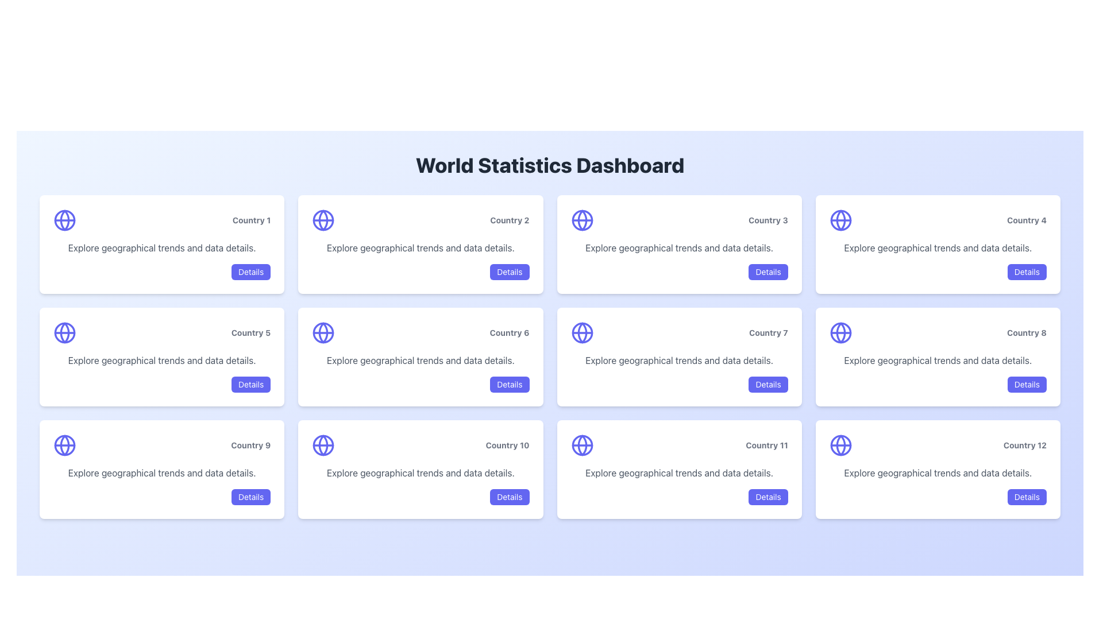  Describe the element at coordinates (161, 243) in the screenshot. I see `text content from the Card component that provides an overview of geographical data for 'Country 1', located in the top-left corner of the dashboard` at that location.